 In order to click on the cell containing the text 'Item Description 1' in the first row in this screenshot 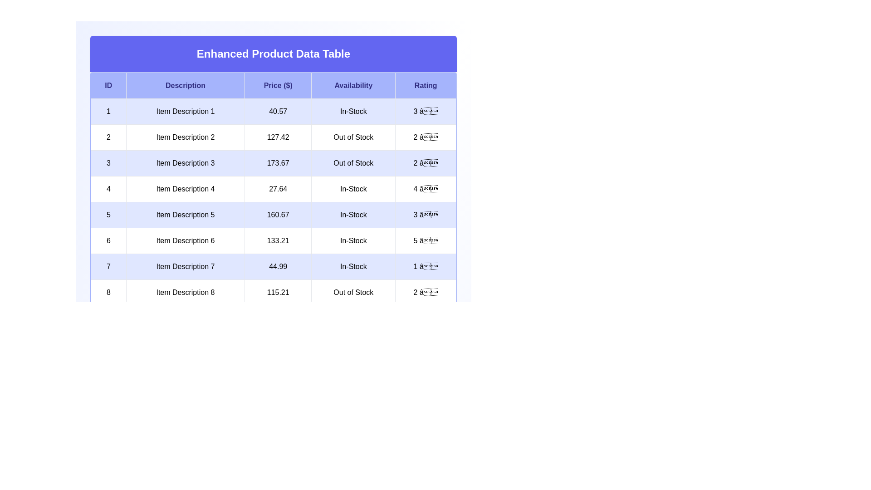, I will do `click(185, 111)`.